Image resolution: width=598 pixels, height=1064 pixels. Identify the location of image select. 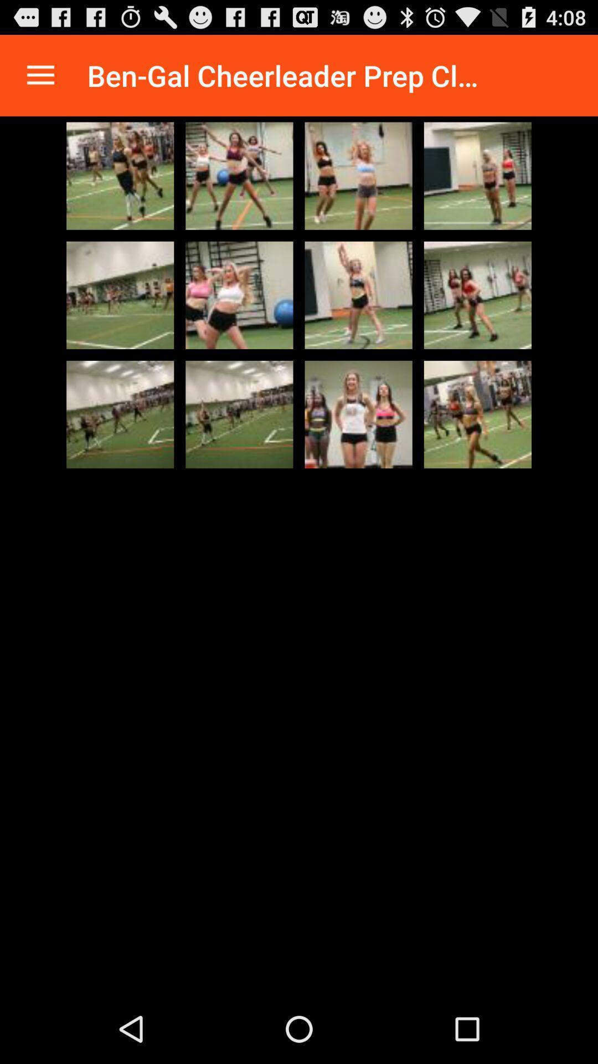
(477, 175).